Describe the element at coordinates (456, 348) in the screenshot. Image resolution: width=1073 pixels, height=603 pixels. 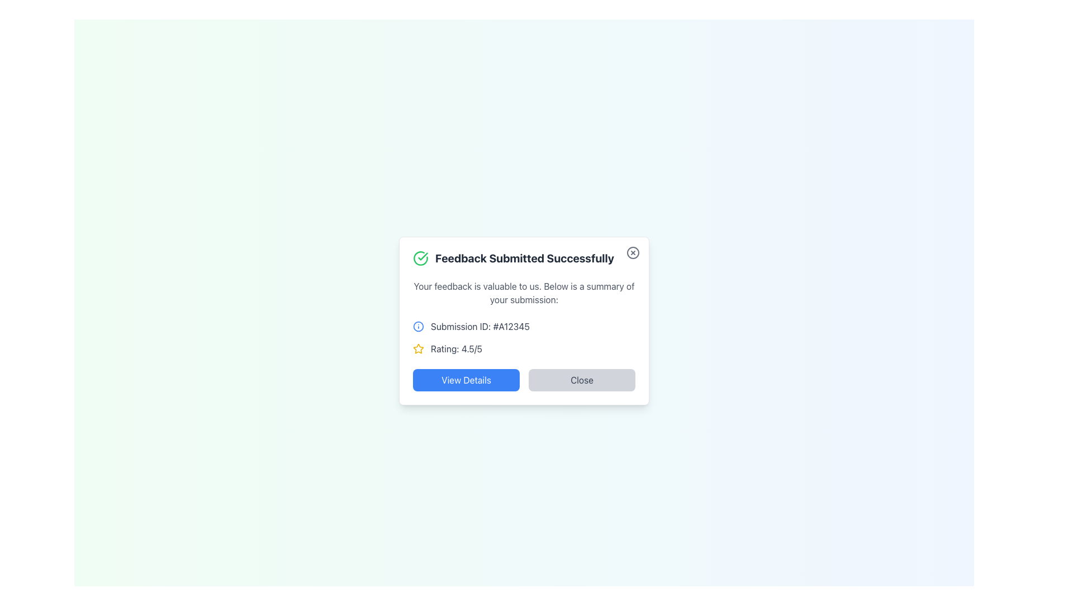
I see `the text label that displays the rating, located to the right of the yellow star icon in the feedback summary dialog` at that location.